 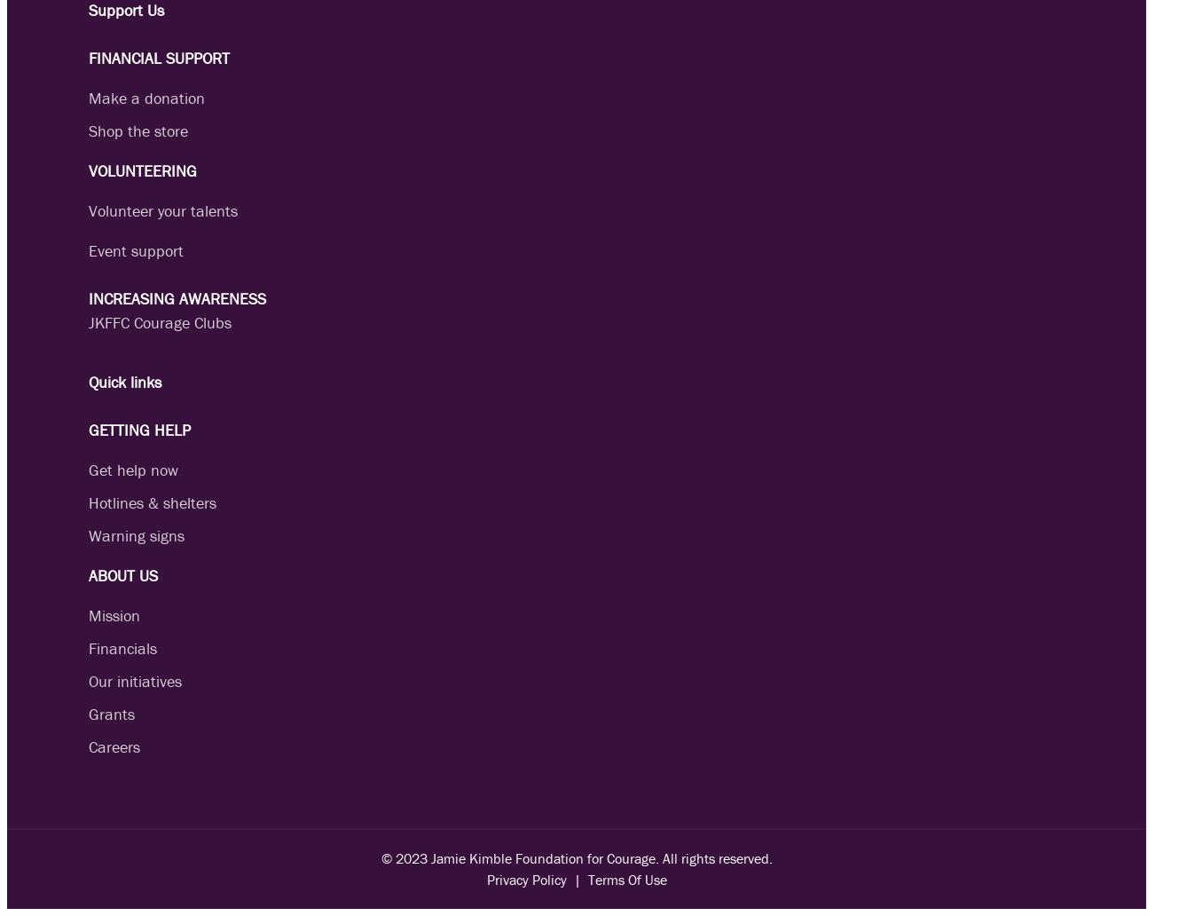 I want to click on '|', so click(x=565, y=879).